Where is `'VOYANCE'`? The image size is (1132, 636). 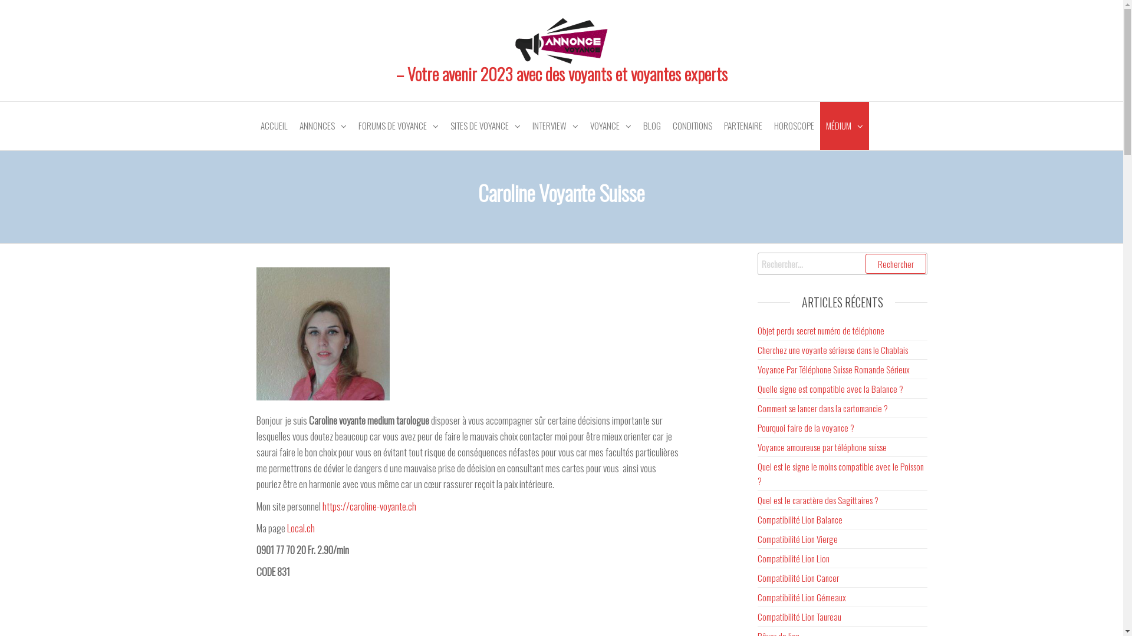
'VOYANCE' is located at coordinates (610, 125).